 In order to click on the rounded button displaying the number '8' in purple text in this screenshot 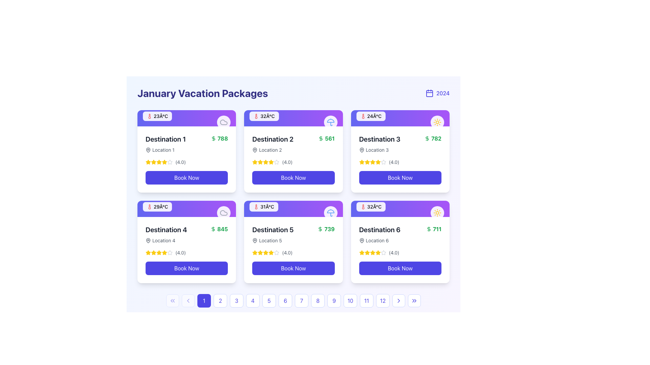, I will do `click(318, 300)`.